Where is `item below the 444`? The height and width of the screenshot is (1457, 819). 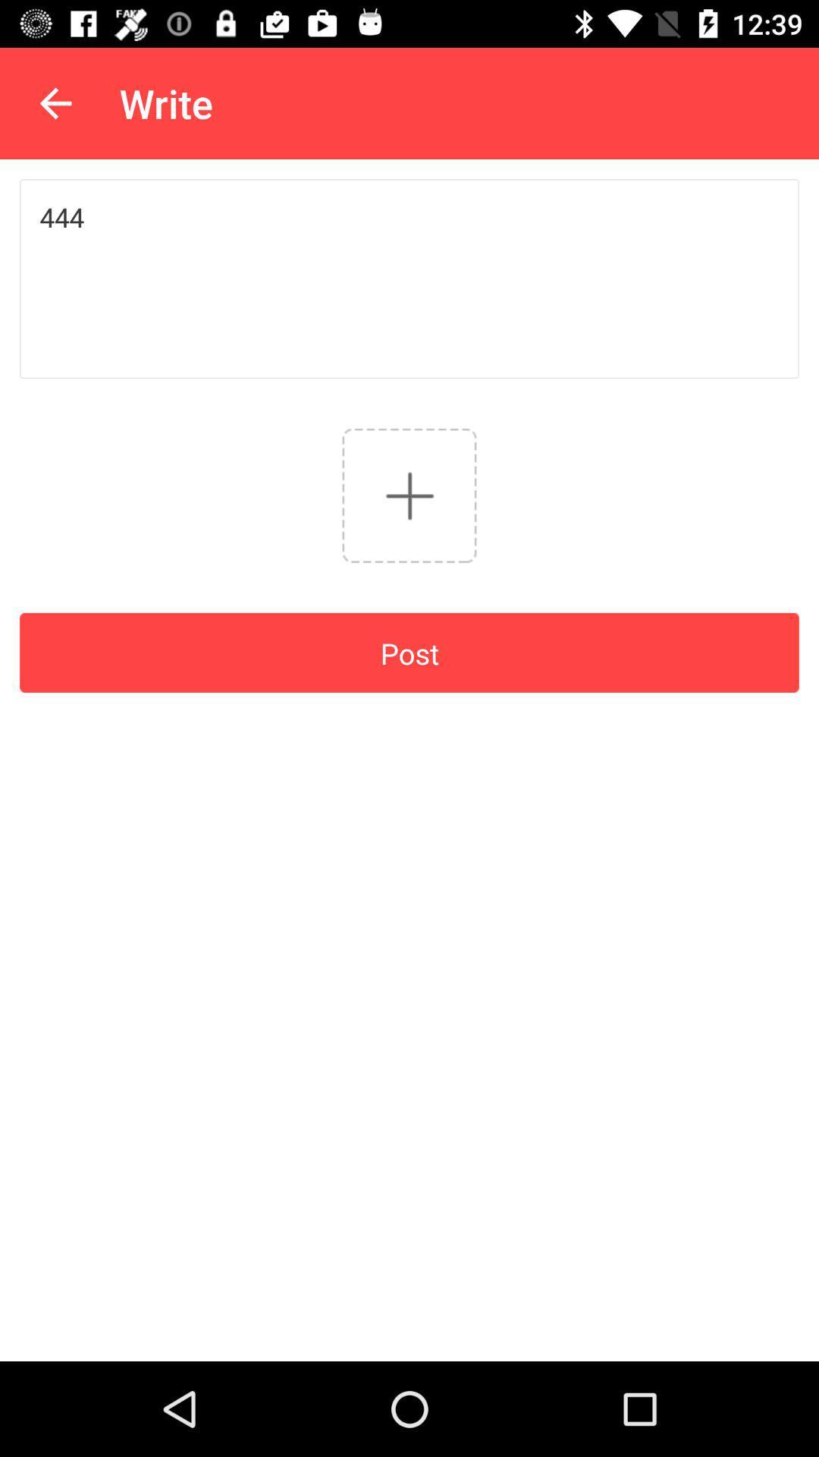 item below the 444 is located at coordinates (409, 496).